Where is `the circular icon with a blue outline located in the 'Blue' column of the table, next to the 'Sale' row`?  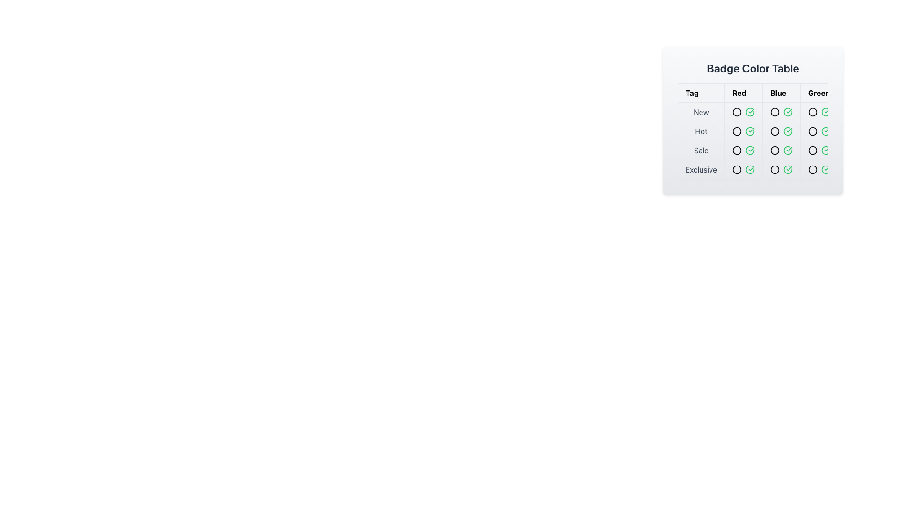
the circular icon with a blue outline located in the 'Blue' column of the table, next to the 'Sale' row is located at coordinates (781, 150).